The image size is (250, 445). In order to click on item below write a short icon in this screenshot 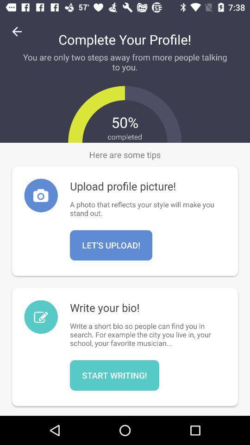, I will do `click(114, 375)`.